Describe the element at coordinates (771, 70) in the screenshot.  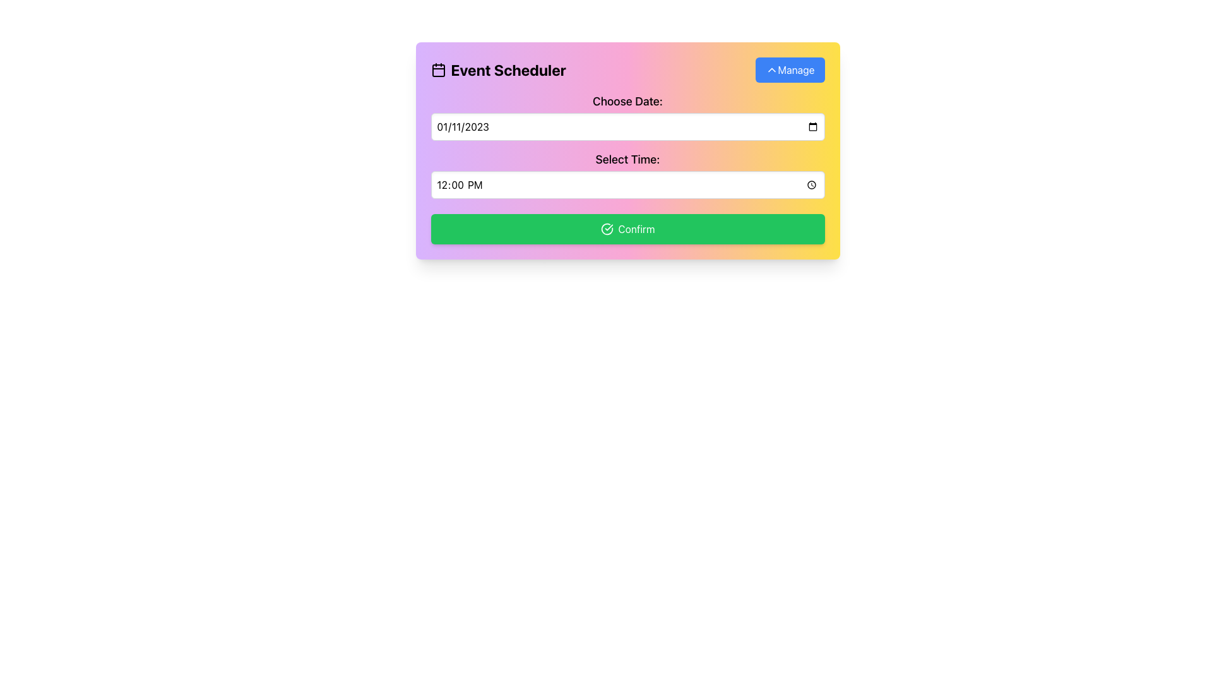
I see `the upward-facing chevron icon located within the 'Manage' button, positioned to the right side of the button’s text` at that location.